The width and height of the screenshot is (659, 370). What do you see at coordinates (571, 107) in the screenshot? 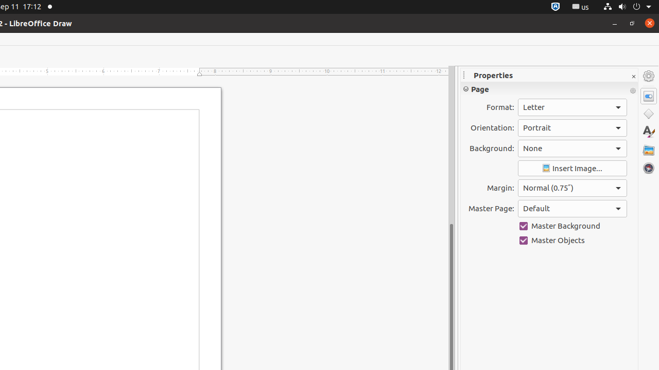
I see `'Format:'` at bounding box center [571, 107].